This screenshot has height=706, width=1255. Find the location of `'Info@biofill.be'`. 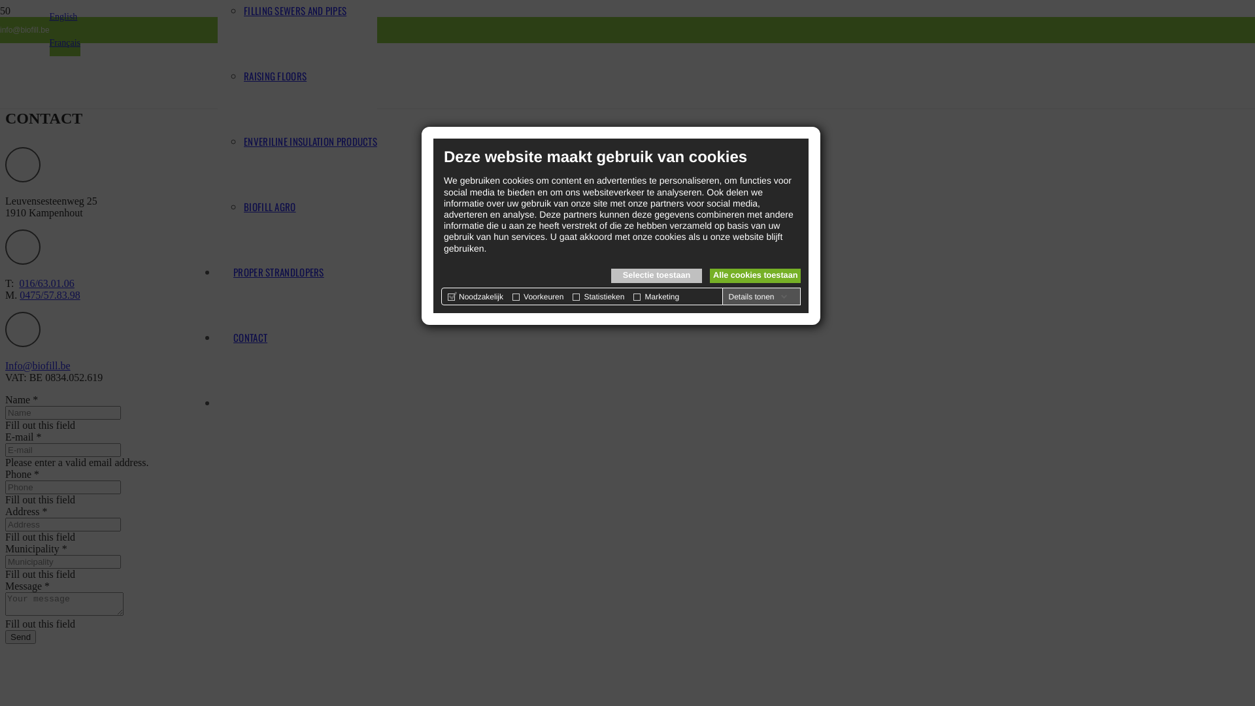

'Info@biofill.be' is located at coordinates (37, 365).